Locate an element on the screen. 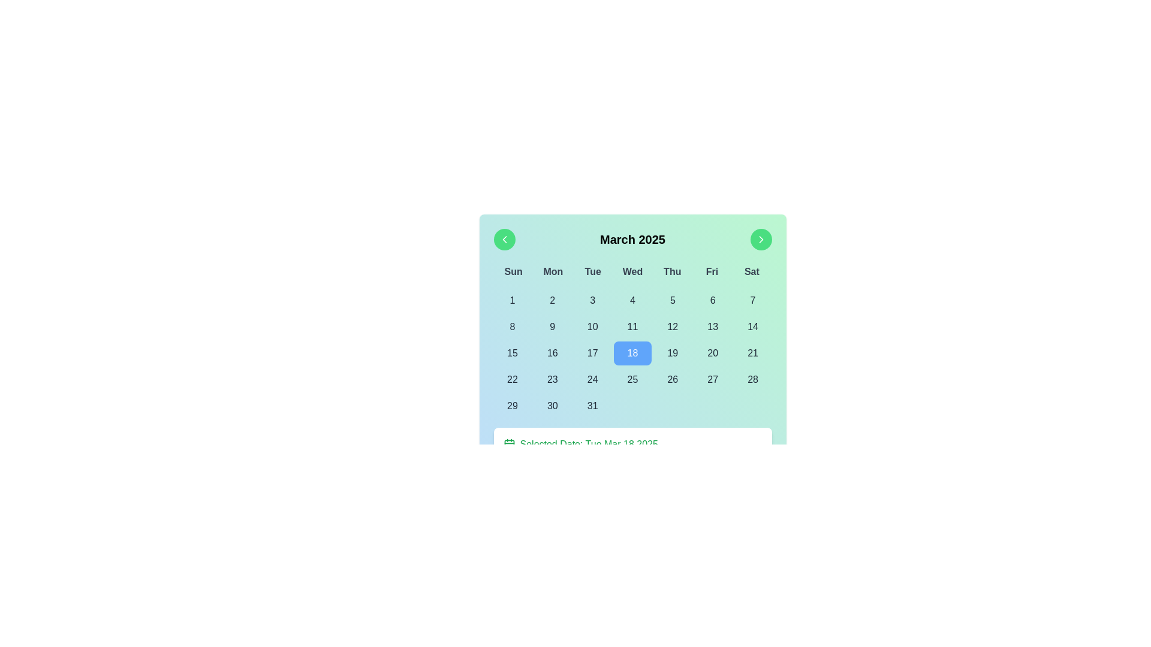 The width and height of the screenshot is (1151, 647). the interactive day selection button in the calendar UI that selects the date '19' in March 2025 is located at coordinates (673, 353).